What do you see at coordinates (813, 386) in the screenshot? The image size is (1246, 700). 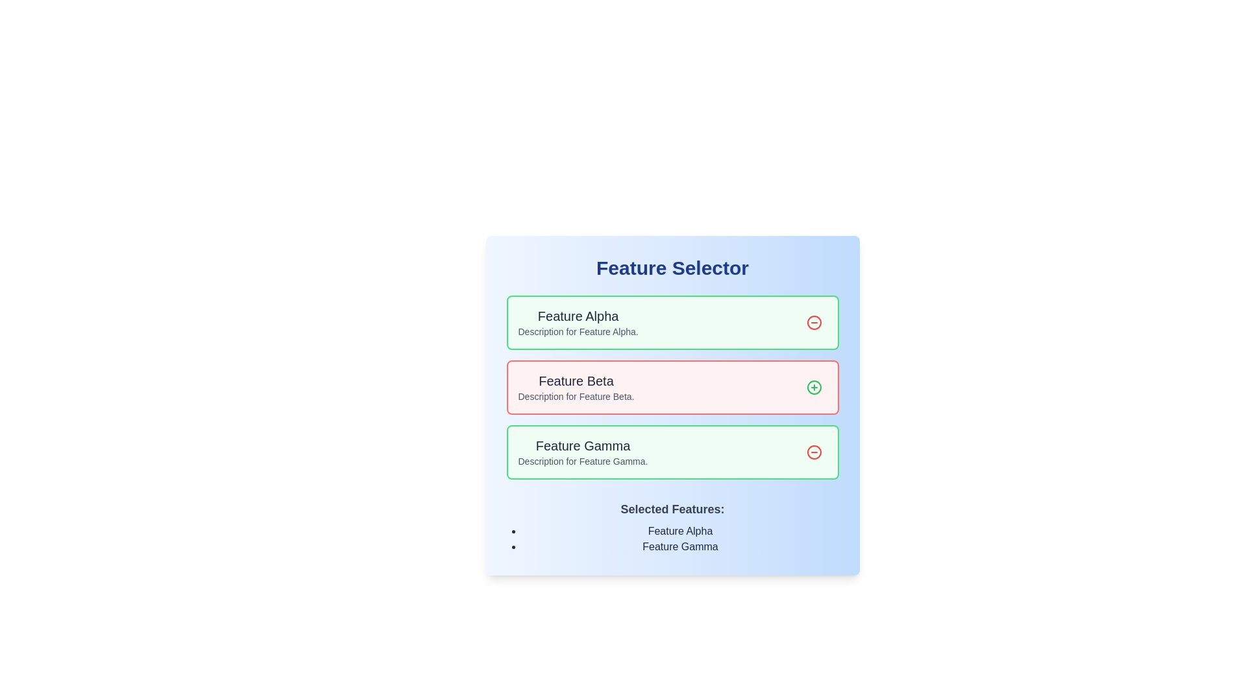 I see `the circular button with a green-outline circle and plus symbol` at bounding box center [813, 386].